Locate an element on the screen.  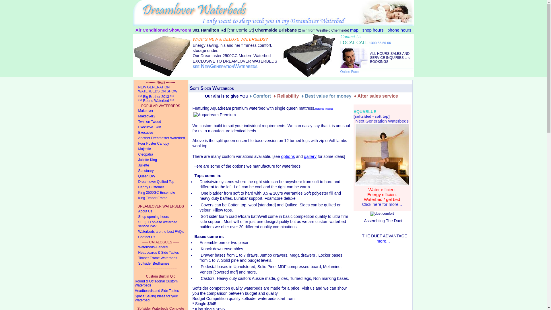
'Twin on Tweed' is located at coordinates (133, 121).